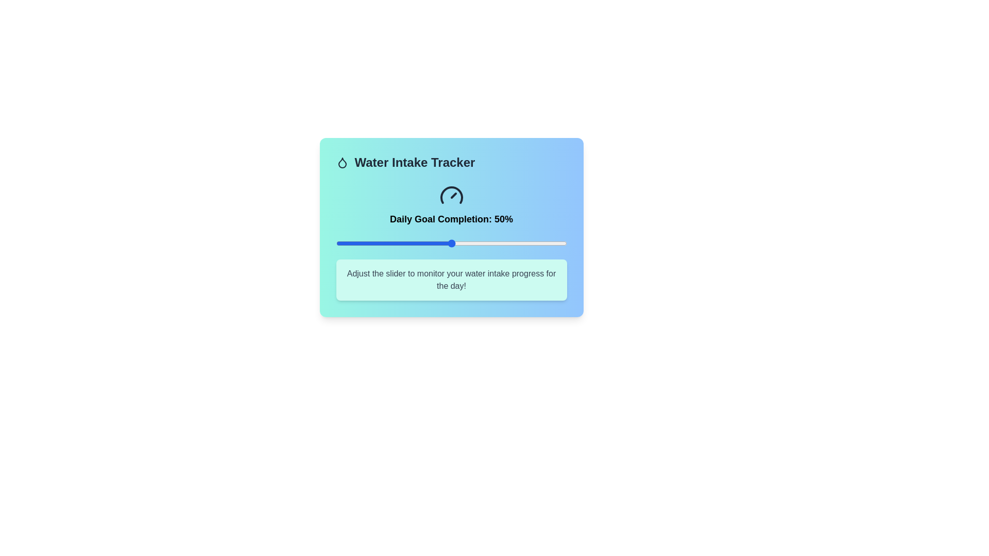  What do you see at coordinates (479, 244) in the screenshot?
I see `the slider to set the water intake percentage to 62%` at bounding box center [479, 244].